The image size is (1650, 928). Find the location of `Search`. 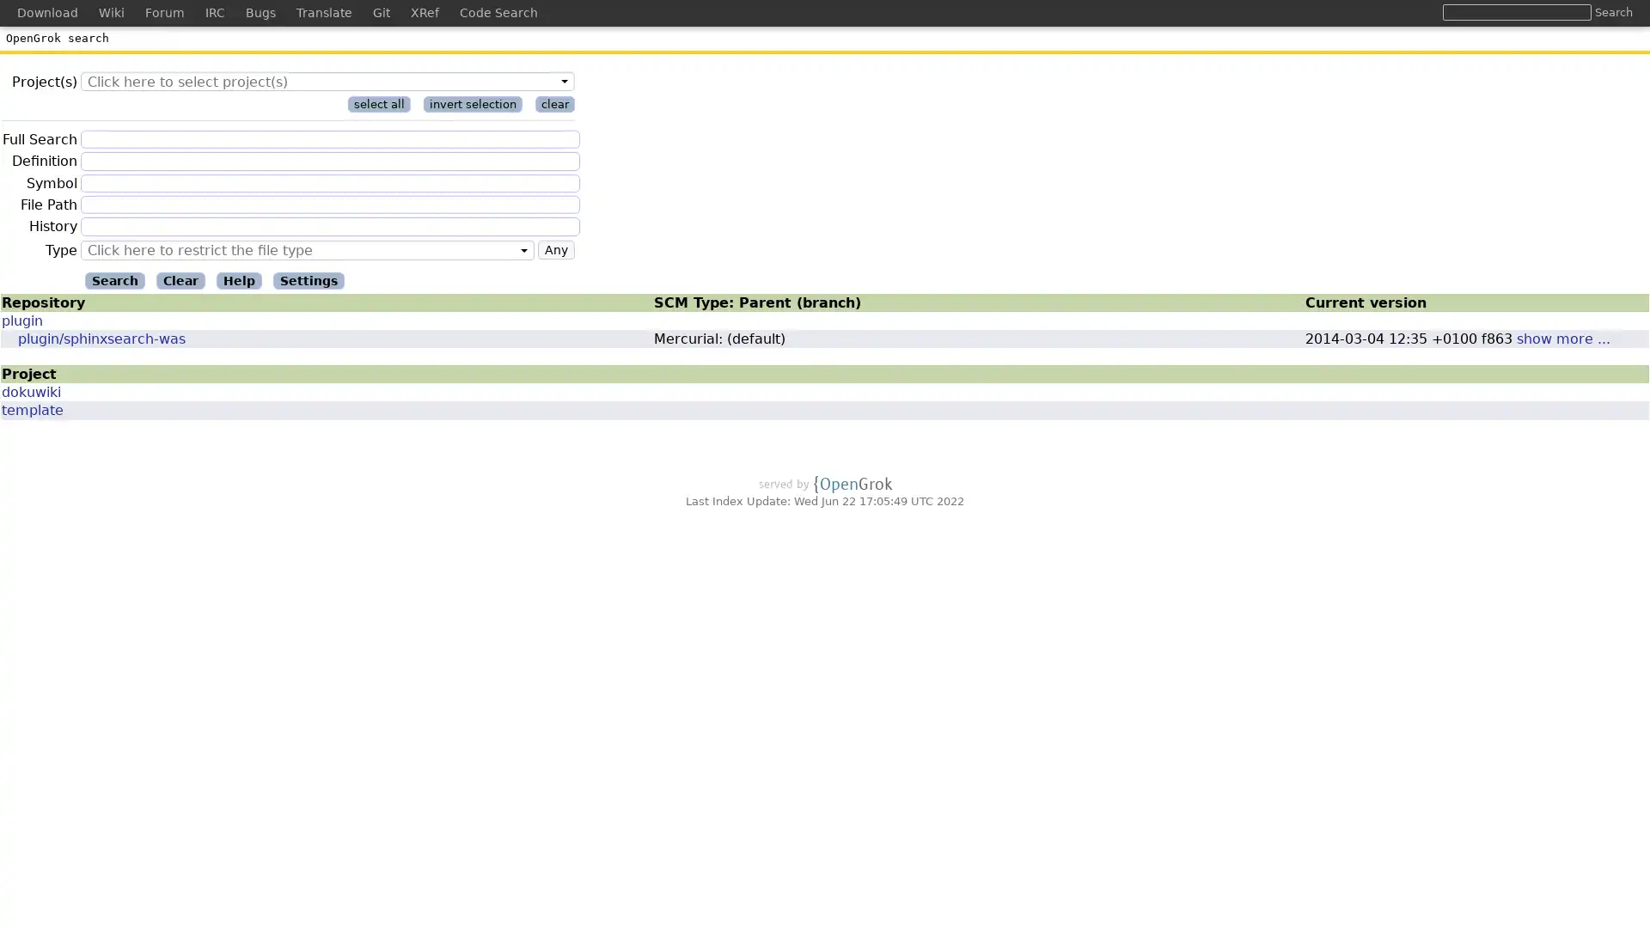

Search is located at coordinates (1612, 12).